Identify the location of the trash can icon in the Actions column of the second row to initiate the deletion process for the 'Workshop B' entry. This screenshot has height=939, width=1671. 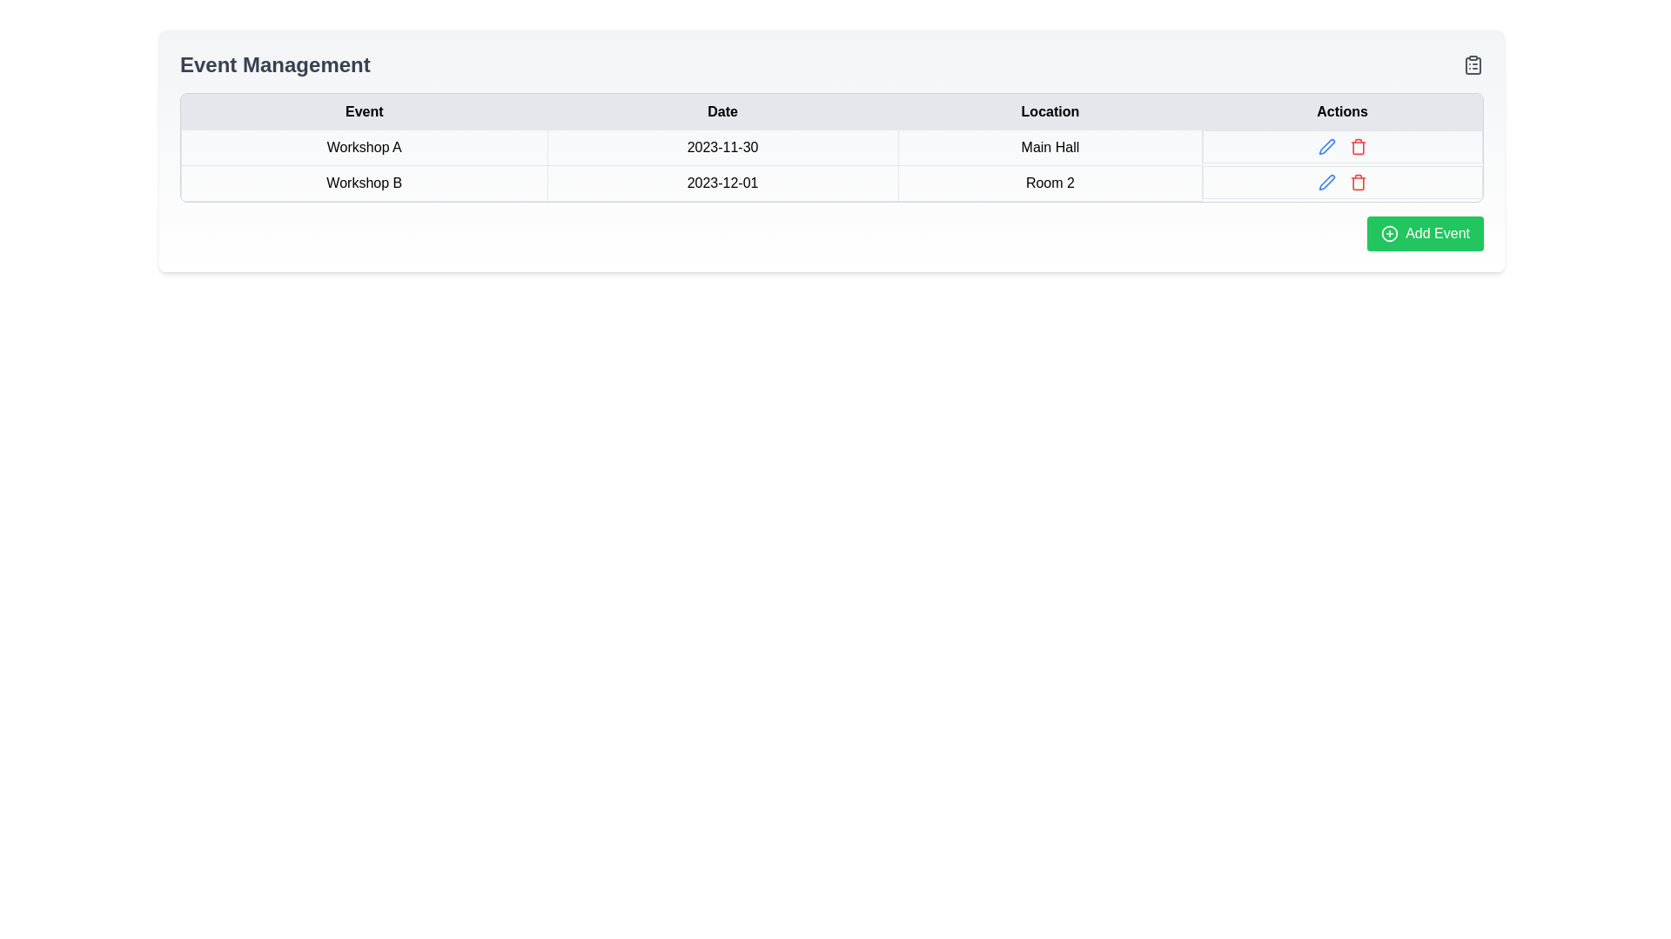
(1357, 182).